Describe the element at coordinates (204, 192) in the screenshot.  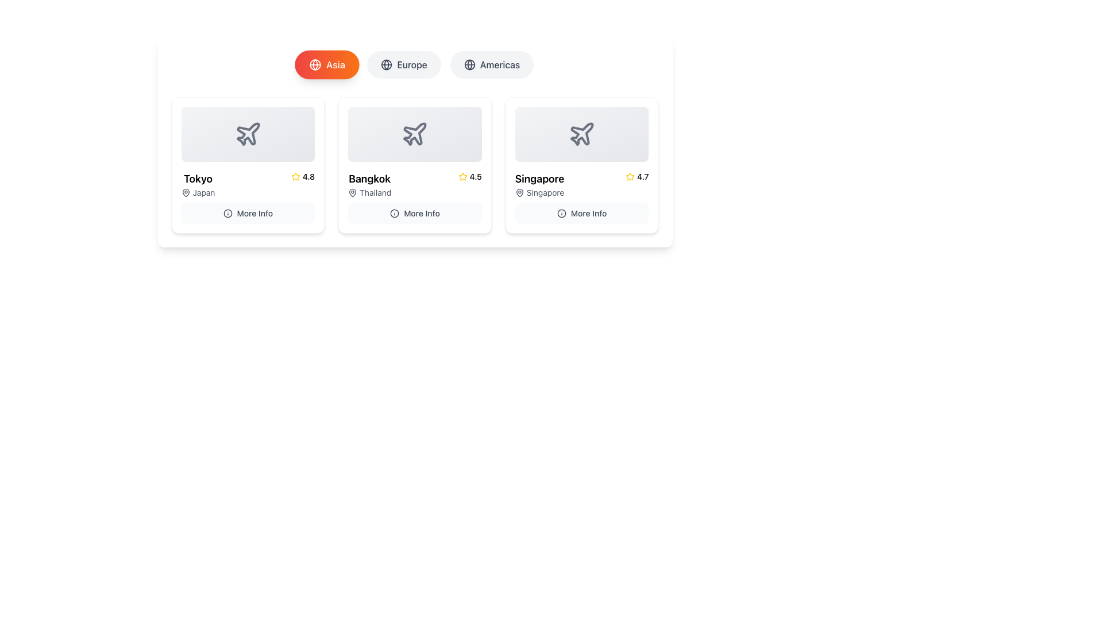
I see `the text label displaying 'Japan' which is located` at that location.